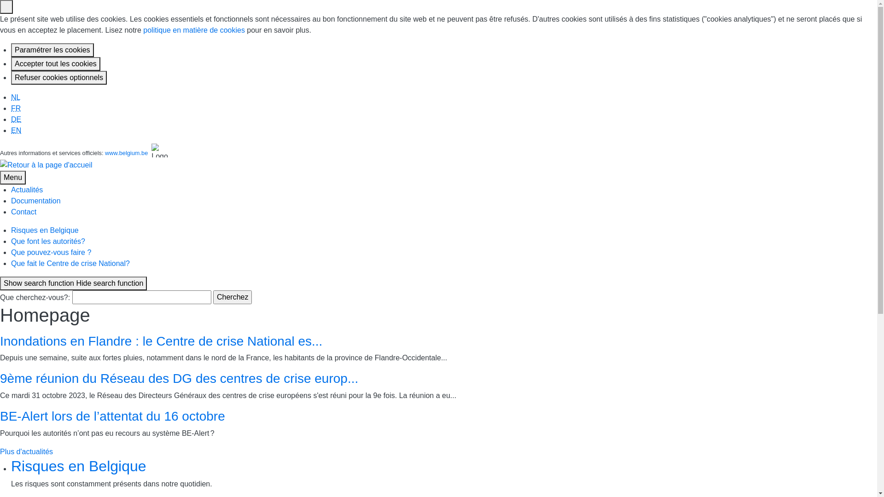  What do you see at coordinates (15, 97) in the screenshot?
I see `'NL'` at bounding box center [15, 97].